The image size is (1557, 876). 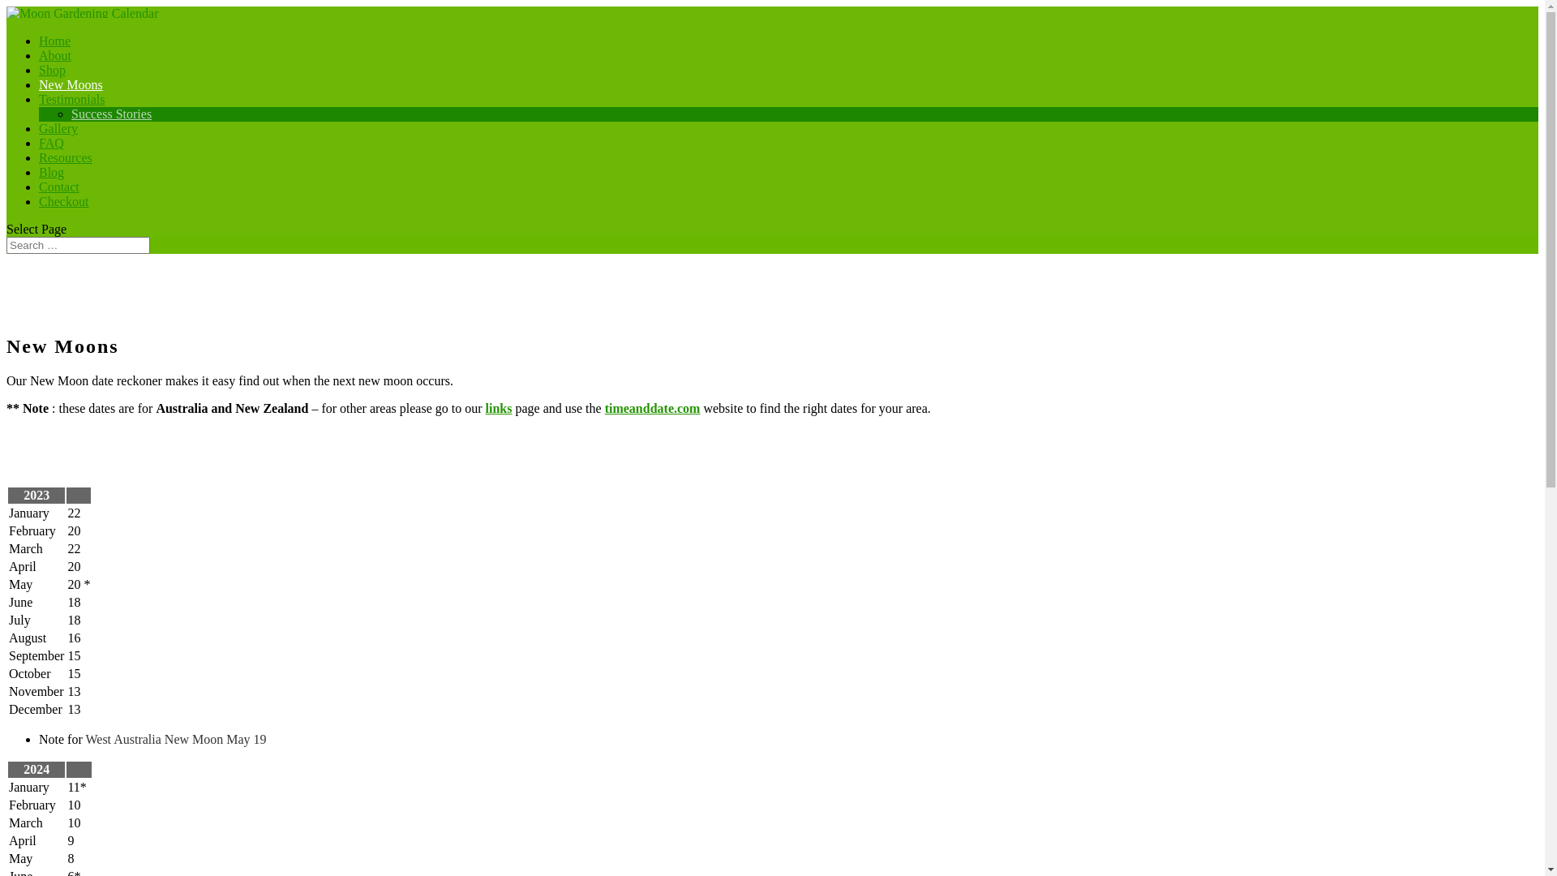 I want to click on 'Blog', so click(x=51, y=179).